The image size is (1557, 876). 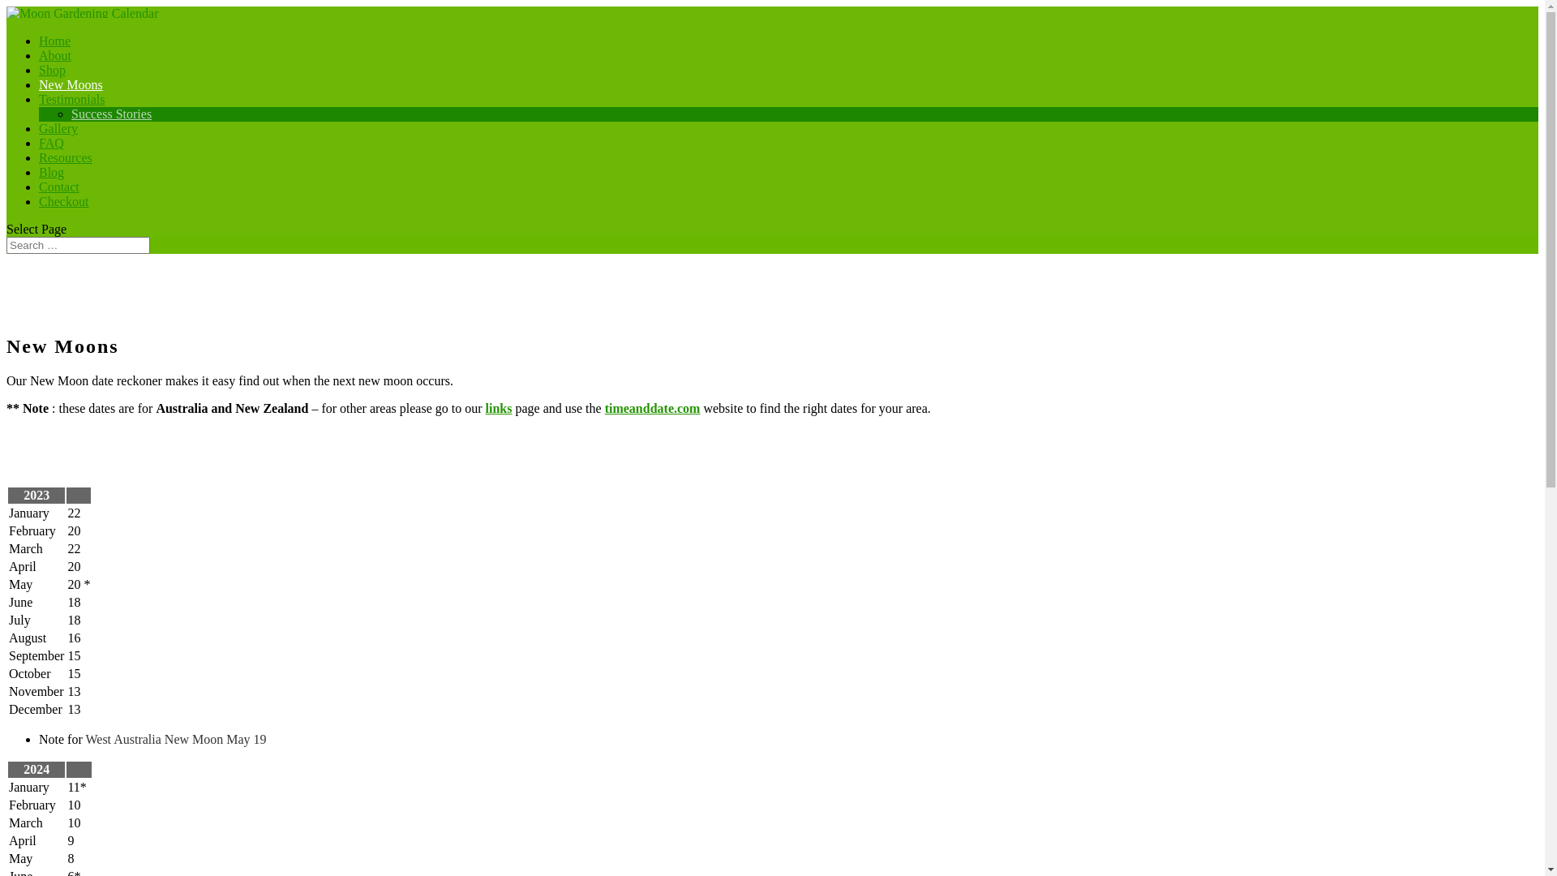 I want to click on 'Blog', so click(x=51, y=179).